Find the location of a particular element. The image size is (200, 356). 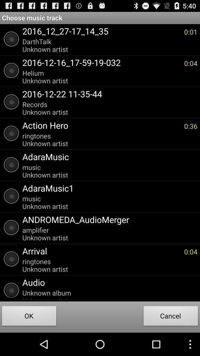

the app next to the 0:36 is located at coordinates (101, 125).